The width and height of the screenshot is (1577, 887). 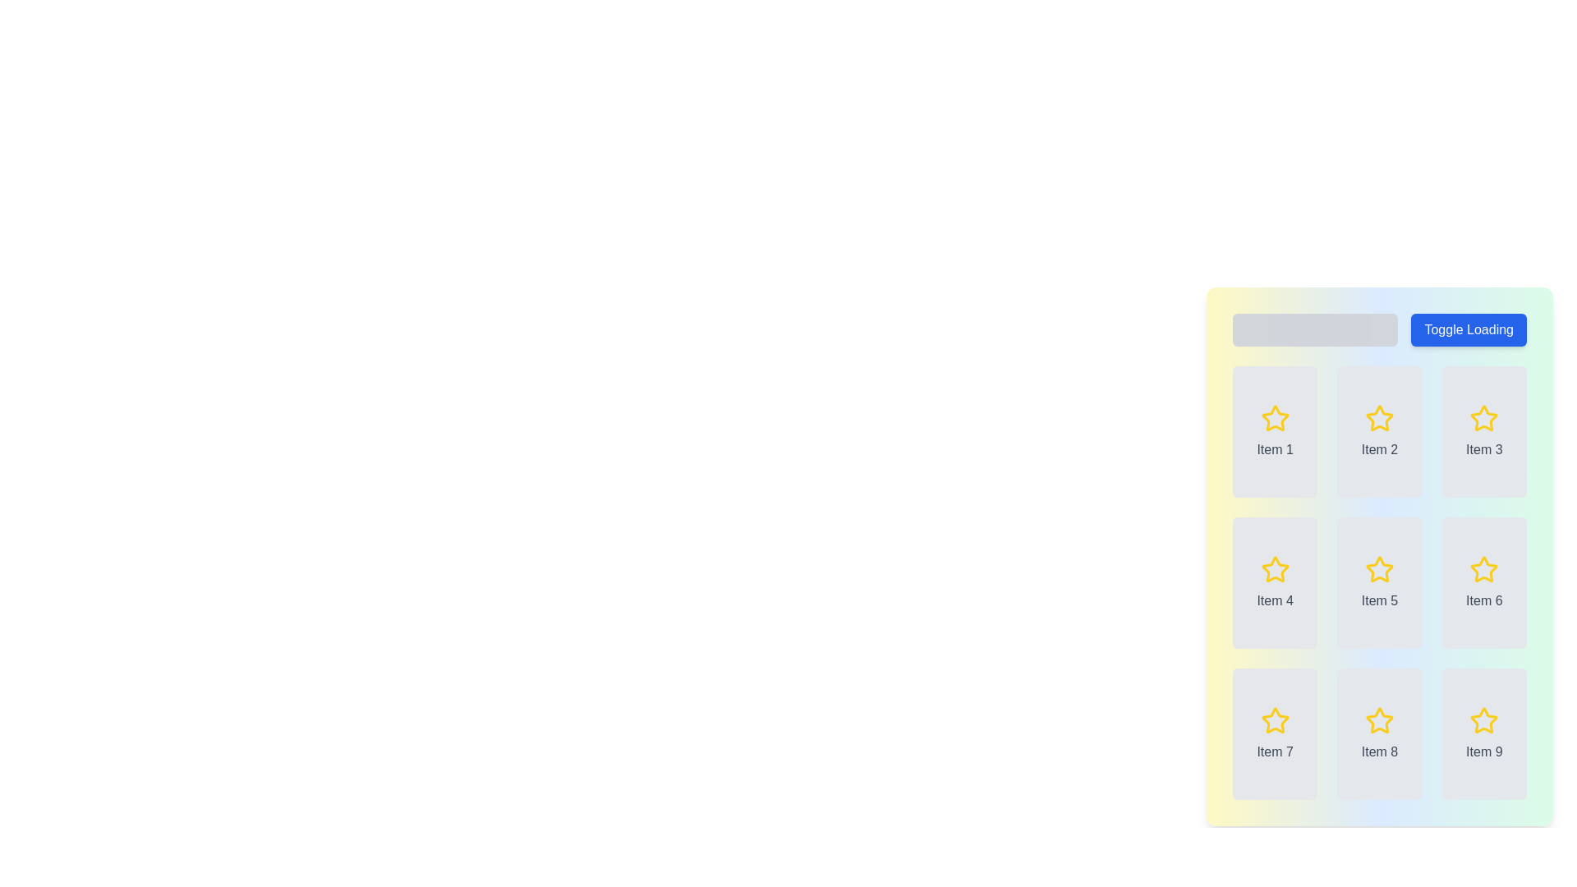 What do you see at coordinates (1484, 449) in the screenshot?
I see `the text label displaying 'Item 3' located in the top row, third column of a 3x3 grid, positioned slightly below a yellow star icon` at bounding box center [1484, 449].